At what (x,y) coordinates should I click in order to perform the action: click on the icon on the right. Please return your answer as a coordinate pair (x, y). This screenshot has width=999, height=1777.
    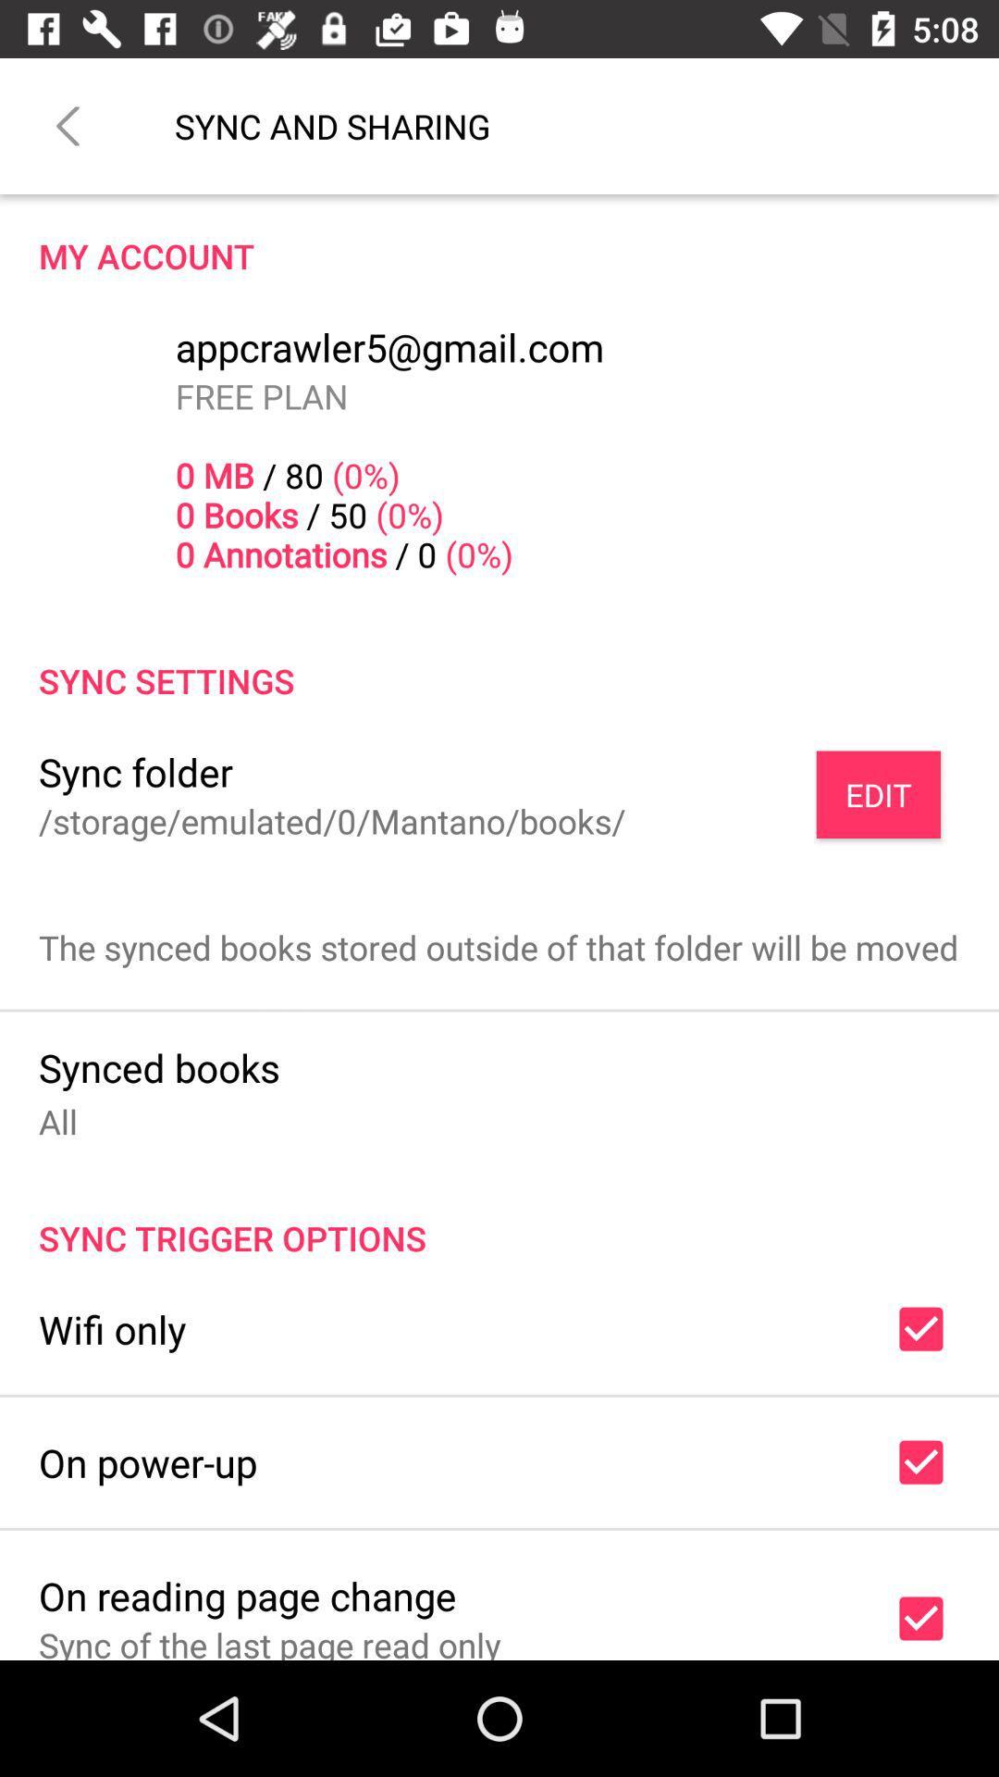
    Looking at the image, I should click on (877, 794).